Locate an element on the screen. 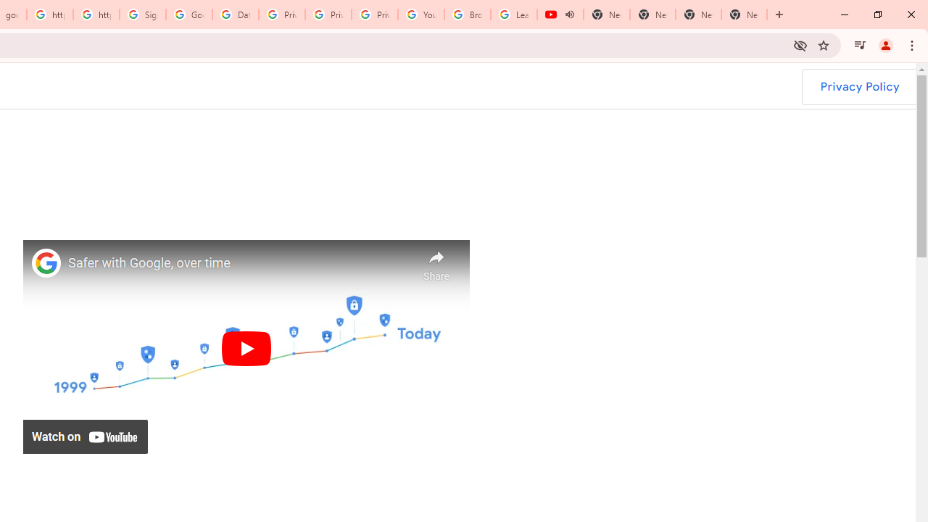  'Photo image of Google' is located at coordinates (46, 262).